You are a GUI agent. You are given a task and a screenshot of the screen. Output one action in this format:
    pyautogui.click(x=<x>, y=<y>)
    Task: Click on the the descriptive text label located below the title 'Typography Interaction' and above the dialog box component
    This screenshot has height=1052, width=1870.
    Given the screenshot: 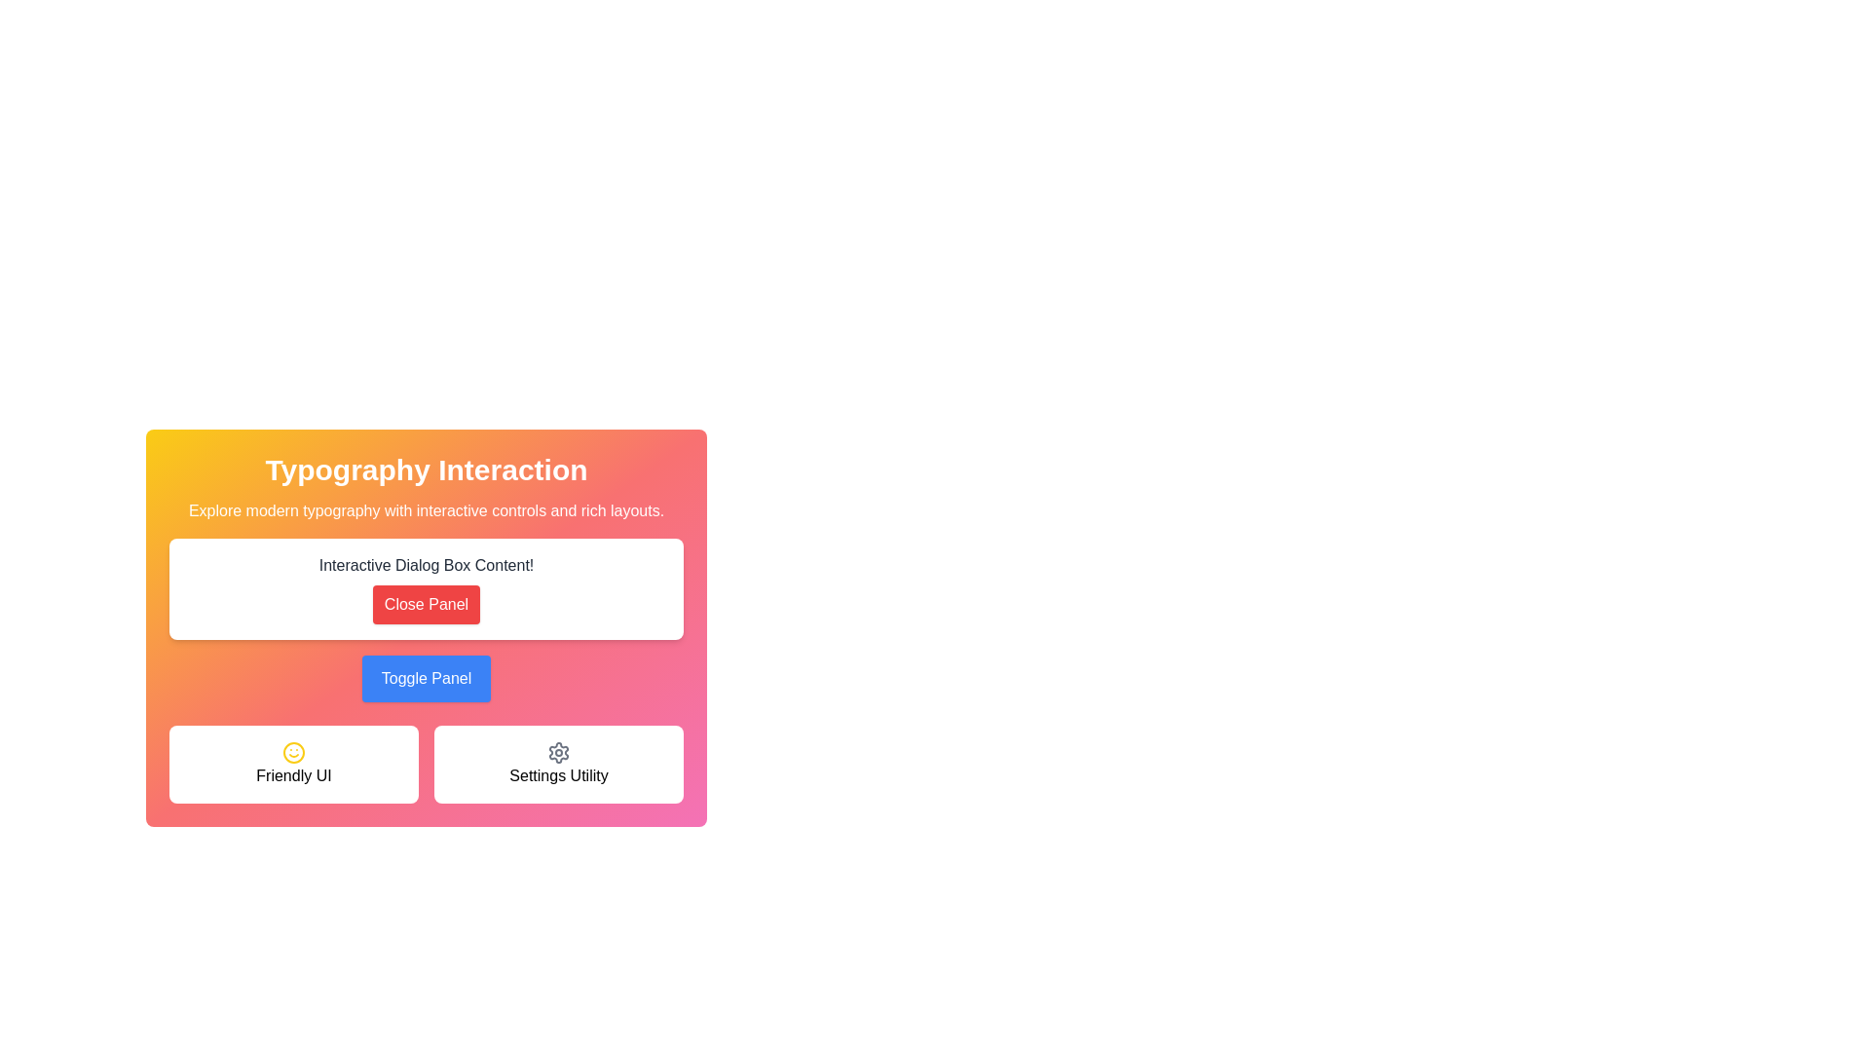 What is the action you would take?
    pyautogui.click(x=425, y=509)
    